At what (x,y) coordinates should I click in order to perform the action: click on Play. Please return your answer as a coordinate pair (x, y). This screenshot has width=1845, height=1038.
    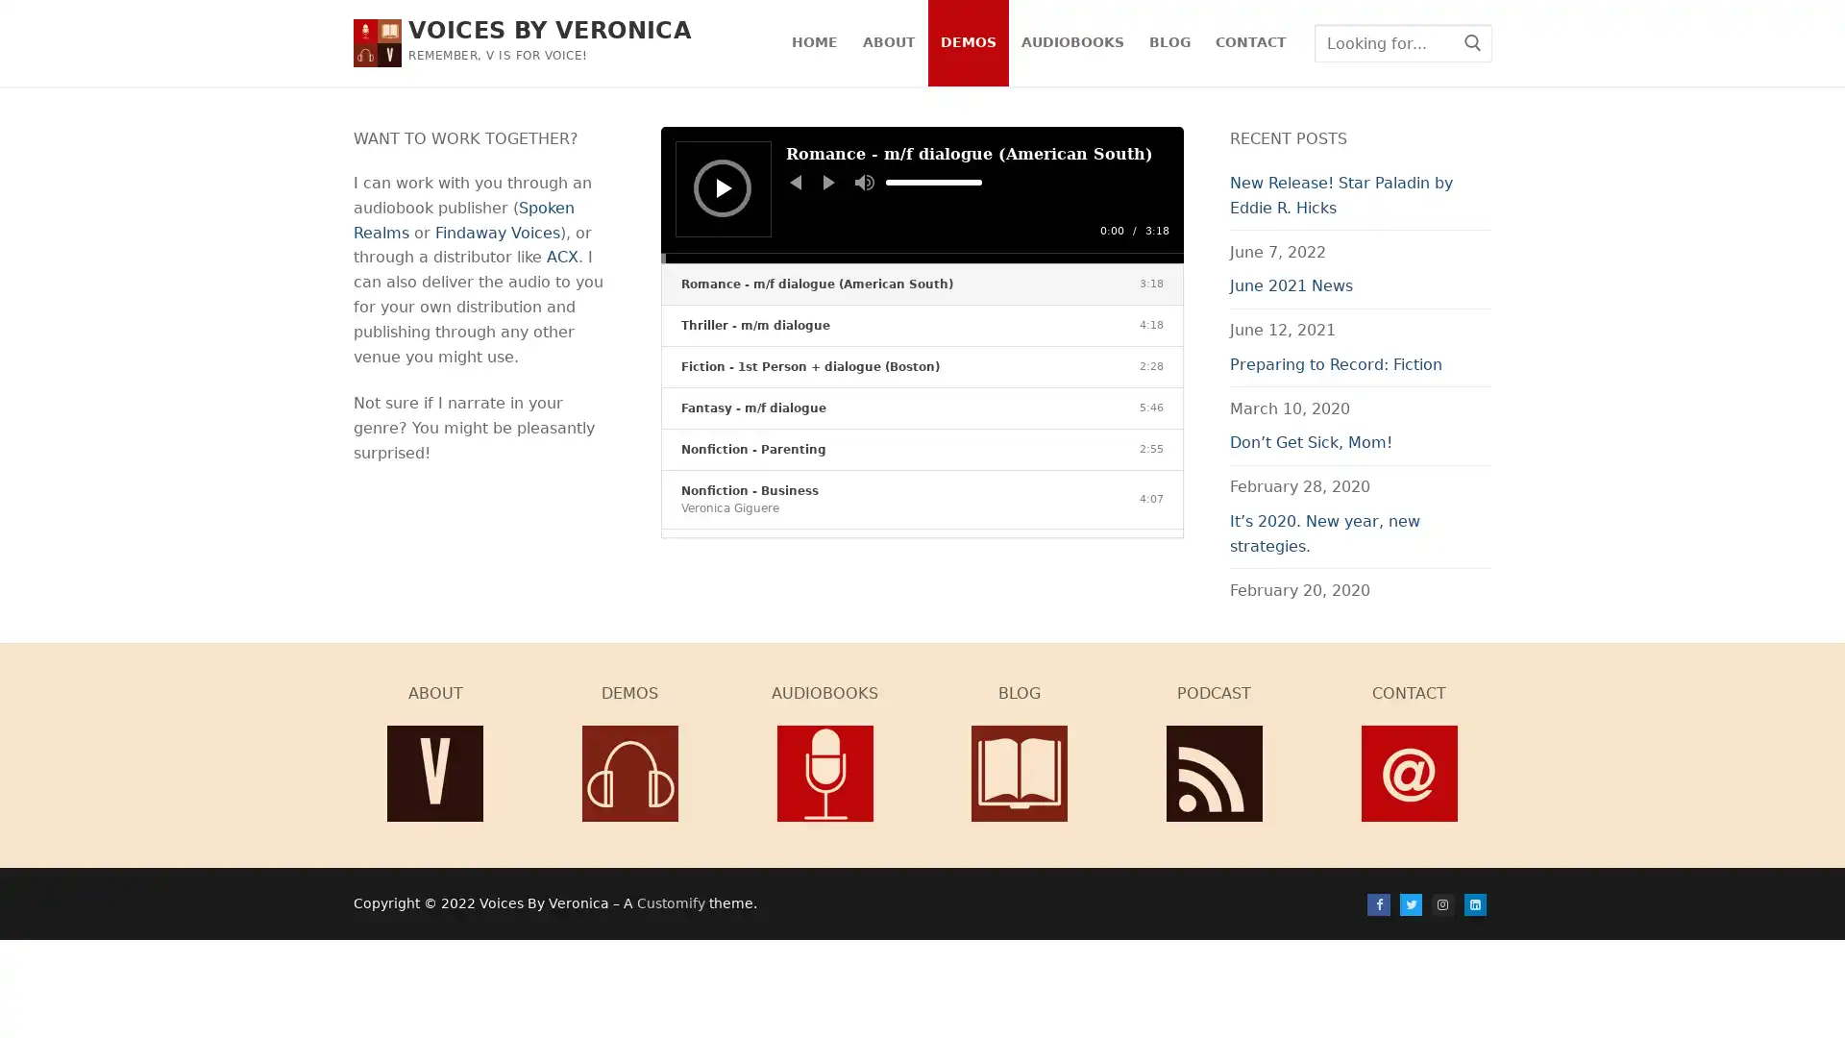
    Looking at the image, I should click on (723, 187).